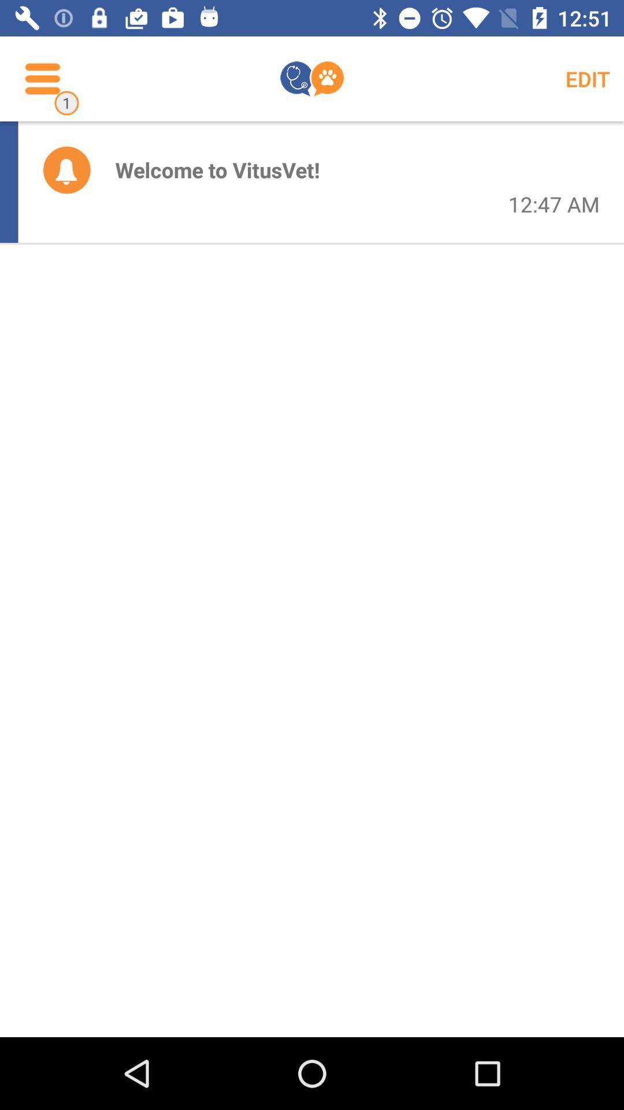 The width and height of the screenshot is (624, 1110). I want to click on edit icon, so click(588, 78).